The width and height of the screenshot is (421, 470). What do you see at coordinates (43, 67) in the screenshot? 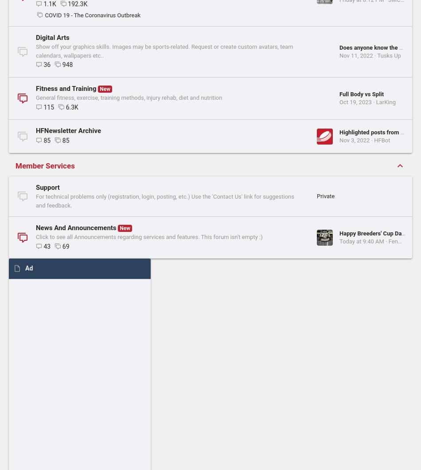
I see `'896'` at bounding box center [43, 67].